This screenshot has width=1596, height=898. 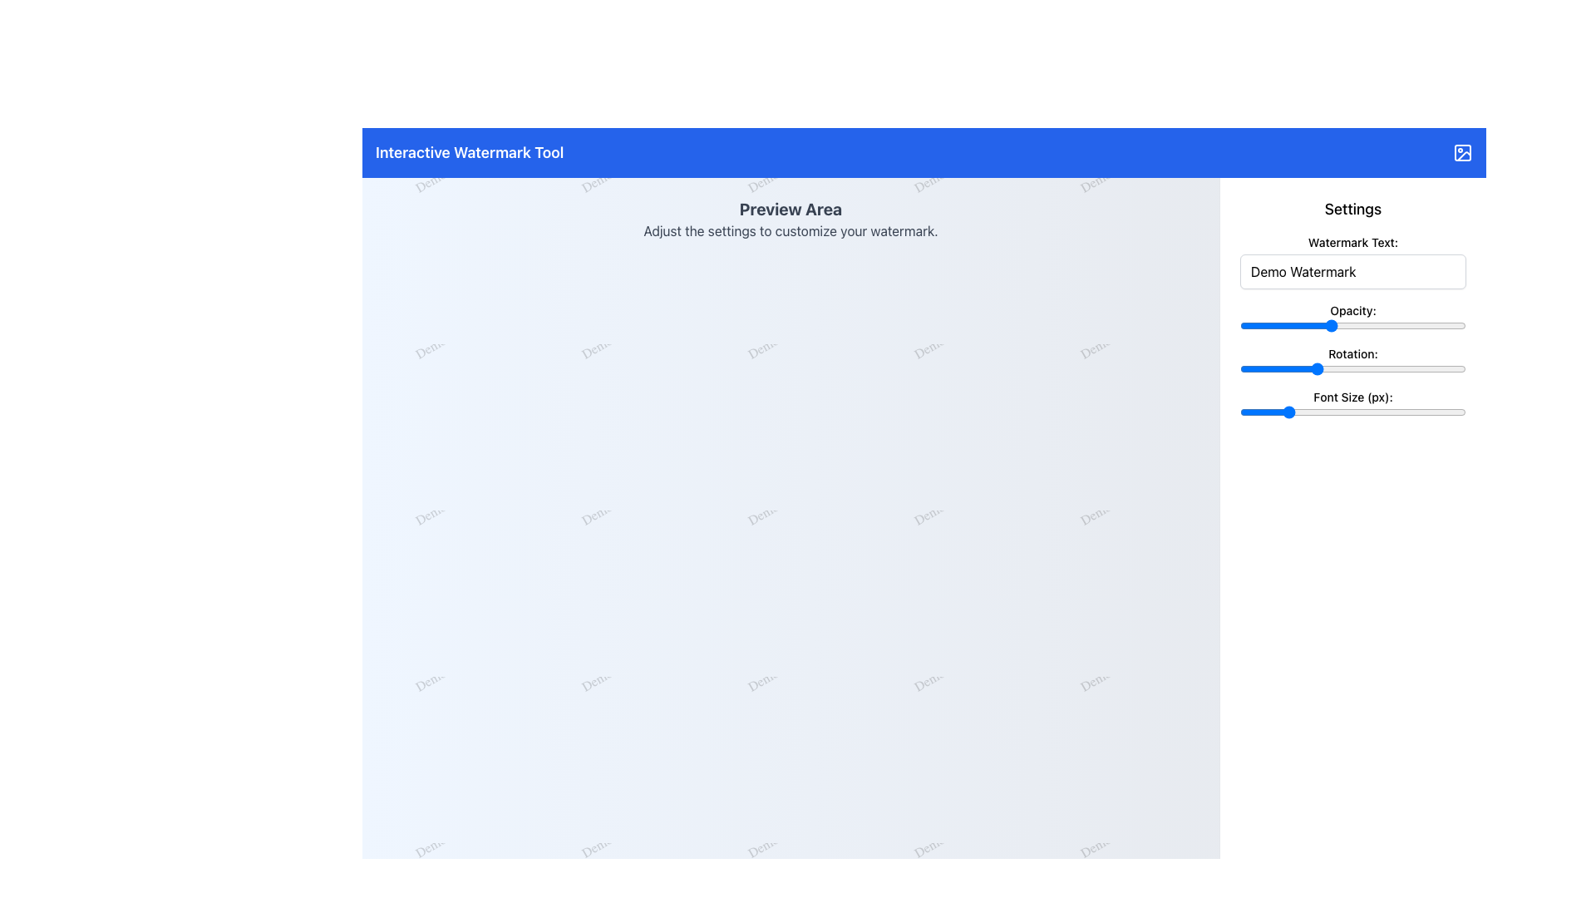 What do you see at coordinates (1377, 368) in the screenshot?
I see `the rotation value of the slider` at bounding box center [1377, 368].